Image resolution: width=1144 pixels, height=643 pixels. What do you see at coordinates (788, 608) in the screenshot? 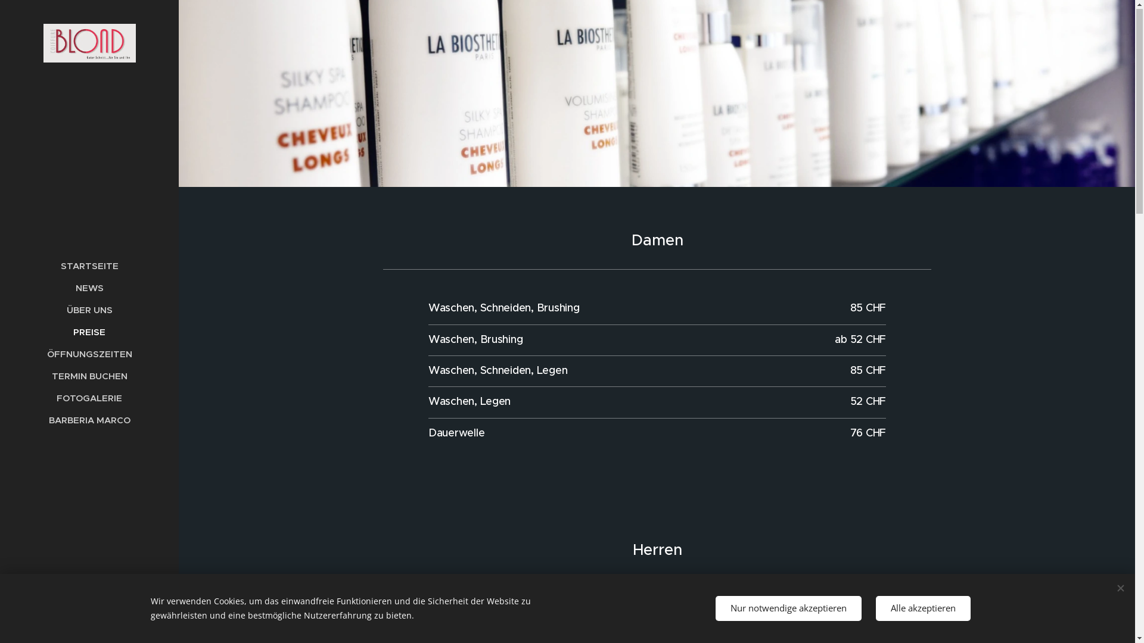
I see `'Nur notwendige akzeptieren'` at bounding box center [788, 608].